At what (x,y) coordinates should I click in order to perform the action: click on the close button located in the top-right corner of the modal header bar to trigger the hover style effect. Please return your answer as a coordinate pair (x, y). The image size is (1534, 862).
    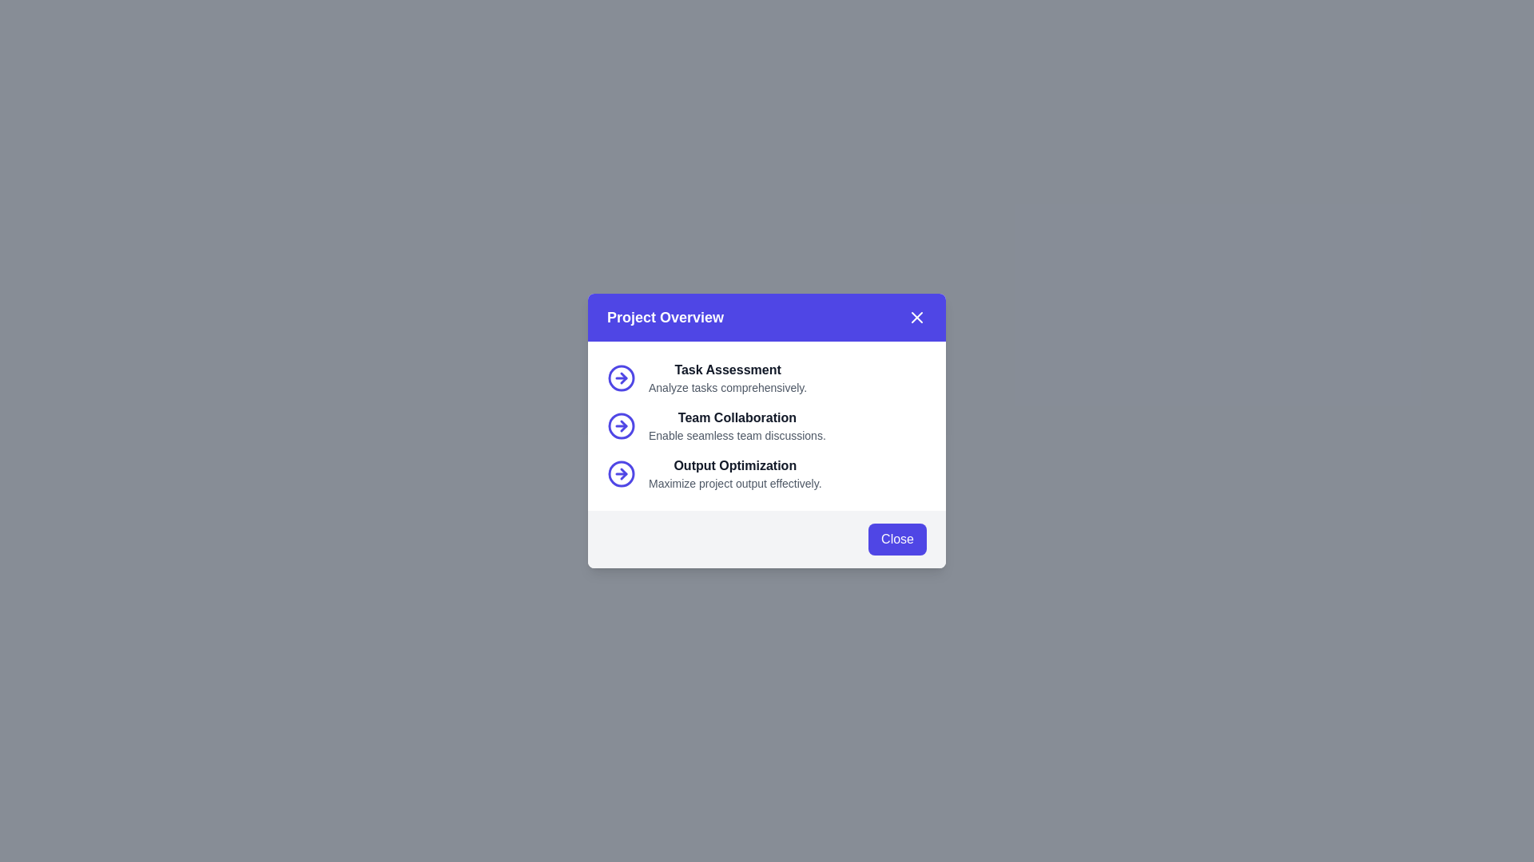
    Looking at the image, I should click on (916, 317).